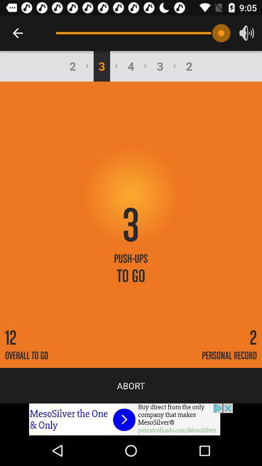 The height and width of the screenshot is (466, 262). Describe the element at coordinates (131, 419) in the screenshot. I see `autoplay option` at that location.